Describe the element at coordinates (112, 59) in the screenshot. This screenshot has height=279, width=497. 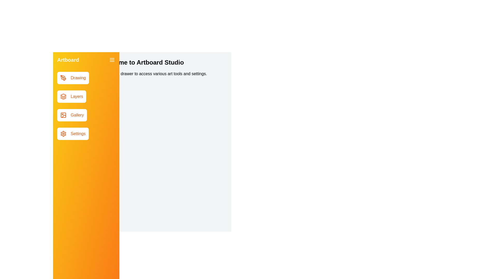
I see `the menu button to toggle the drawer` at that location.